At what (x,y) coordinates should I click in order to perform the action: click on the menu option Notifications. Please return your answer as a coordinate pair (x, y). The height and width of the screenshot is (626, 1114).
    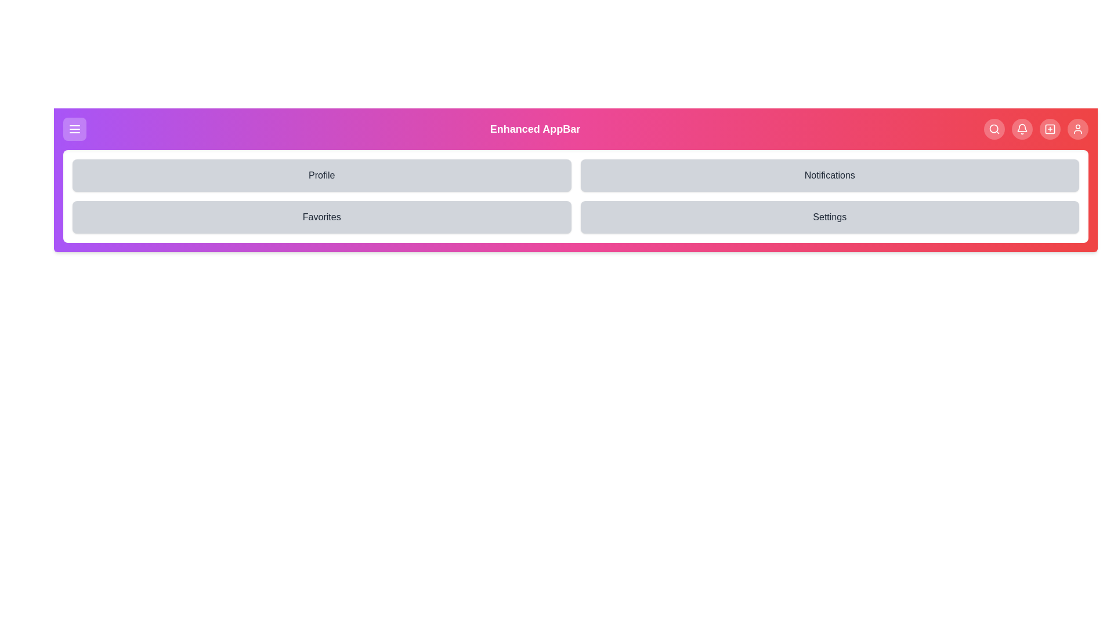
    Looking at the image, I should click on (829, 176).